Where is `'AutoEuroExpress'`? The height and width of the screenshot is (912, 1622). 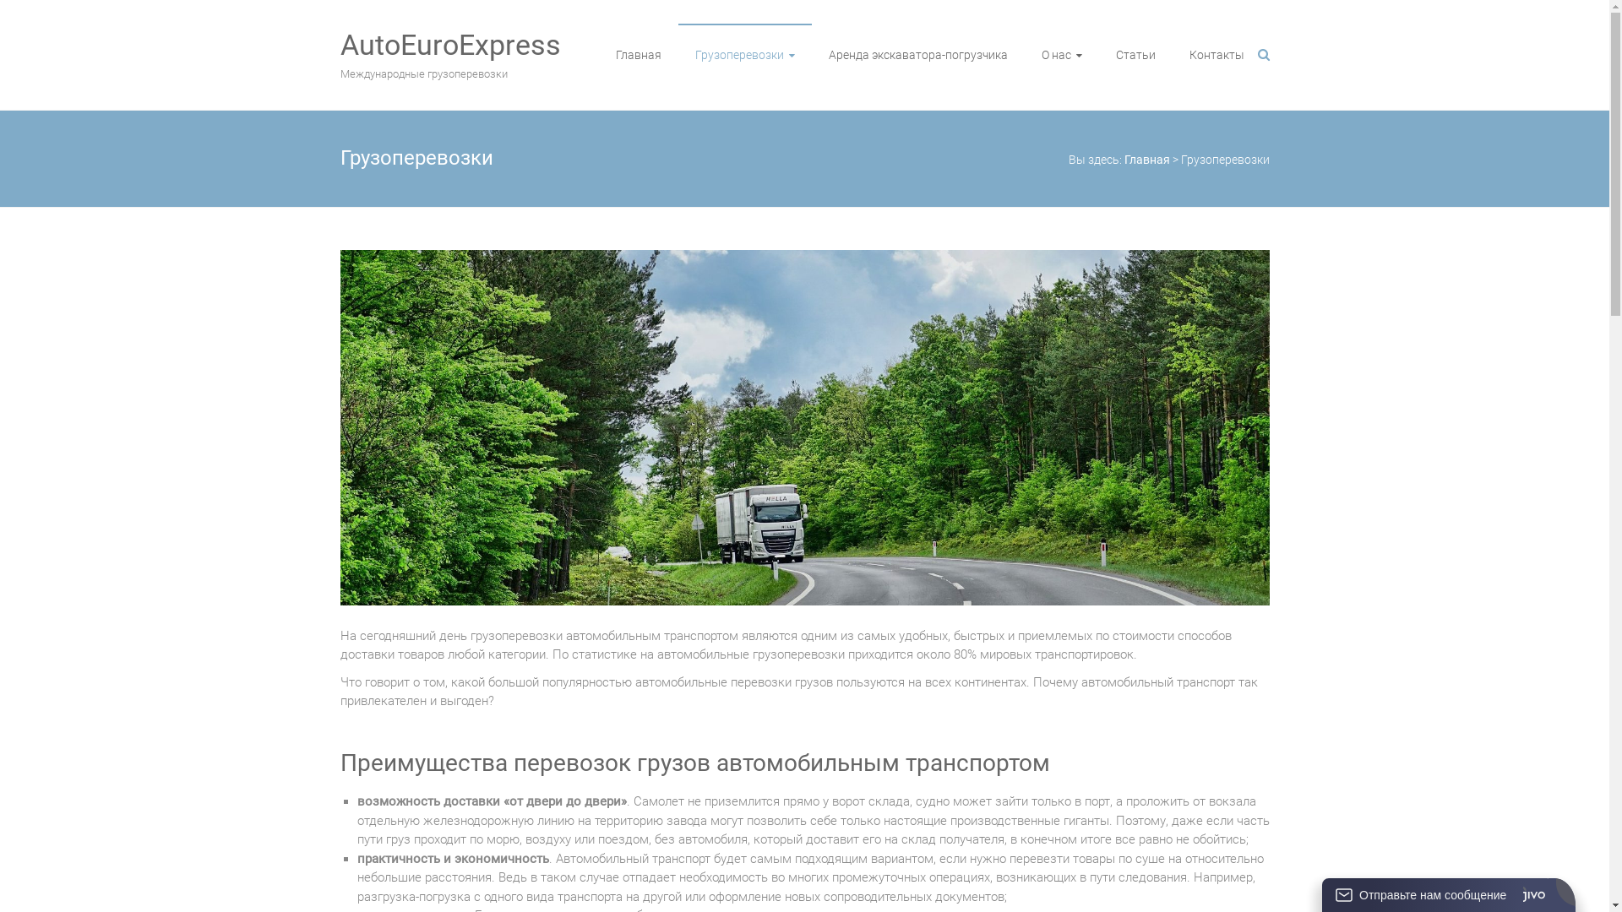 'AutoEuroExpress' is located at coordinates (449, 44).